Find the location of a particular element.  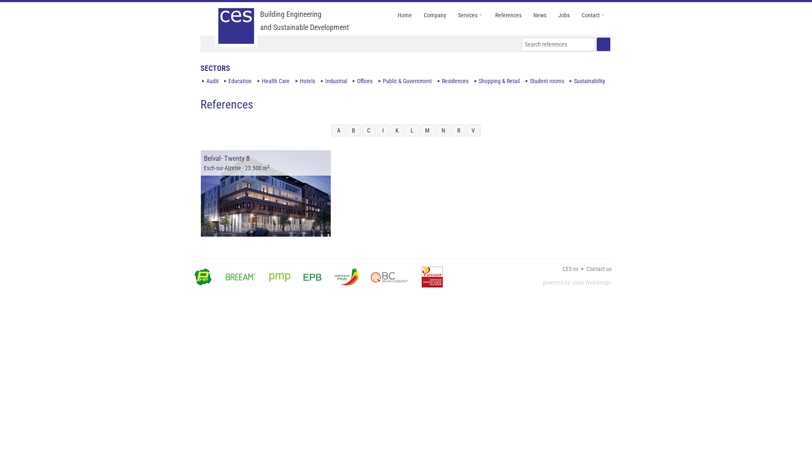

'Belval- Twenty 8 is located at coordinates (265, 193).